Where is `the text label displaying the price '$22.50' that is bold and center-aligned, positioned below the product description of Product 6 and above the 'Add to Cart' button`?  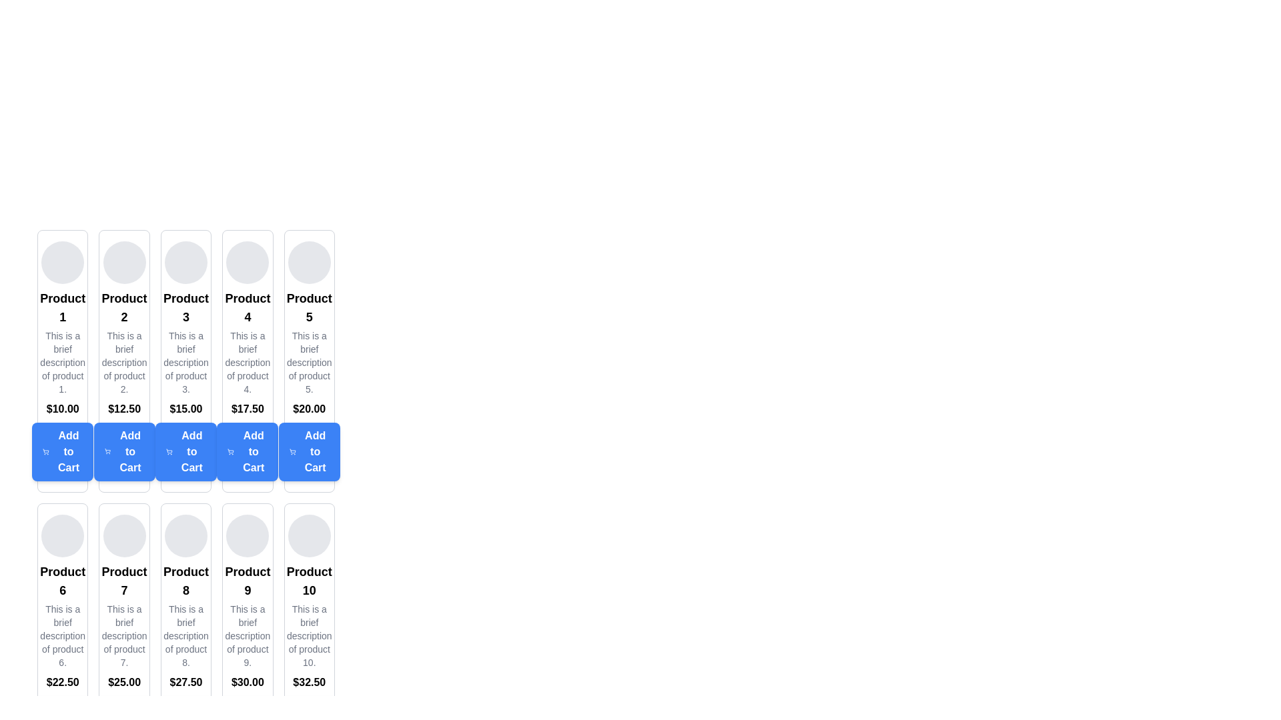 the text label displaying the price '$22.50' that is bold and center-aligned, positioned below the product description of Product 6 and above the 'Add to Cart' button is located at coordinates (62, 682).